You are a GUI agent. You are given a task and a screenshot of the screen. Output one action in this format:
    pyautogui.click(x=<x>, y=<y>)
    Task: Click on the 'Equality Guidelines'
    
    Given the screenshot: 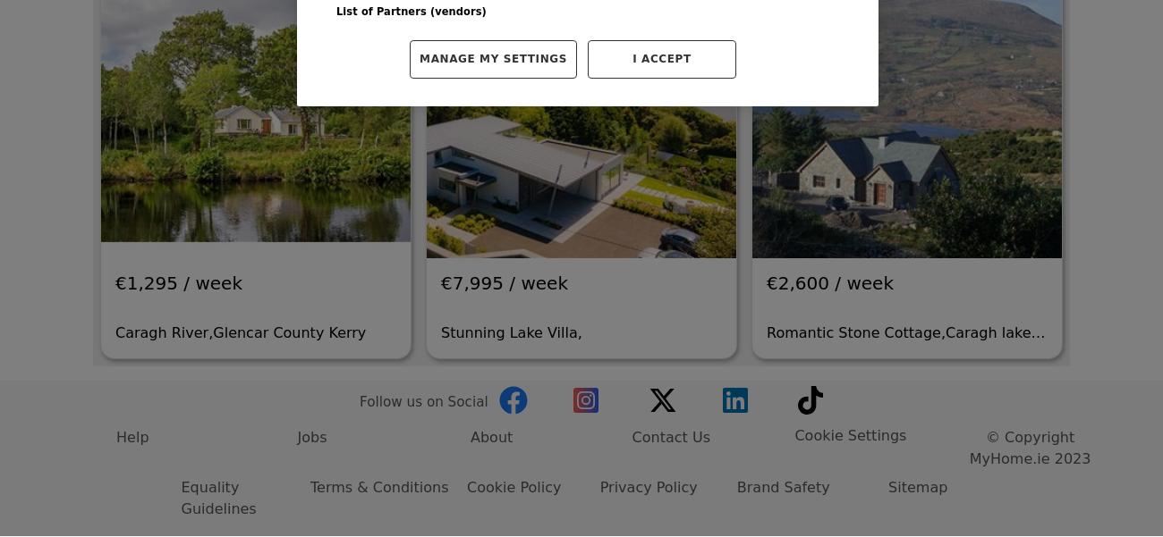 What is the action you would take?
    pyautogui.click(x=217, y=318)
    